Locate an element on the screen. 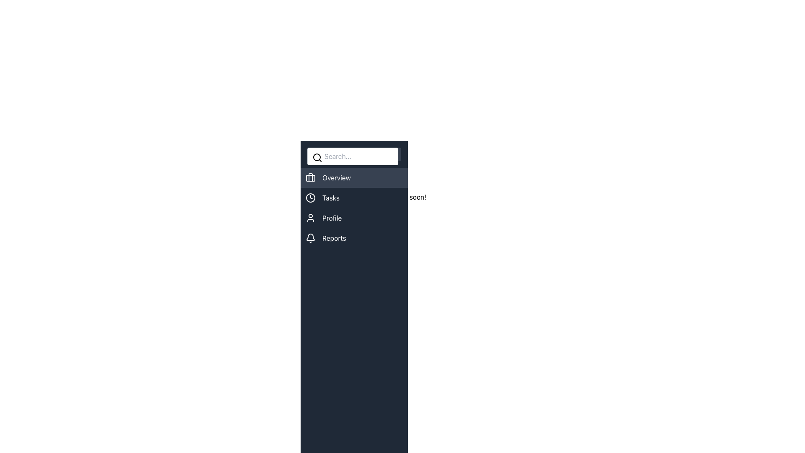 The height and width of the screenshot is (453, 805). the rectangular vector graphic element within the briefcase icon located next to the 'Overview' label in the vertical navigation menu is located at coordinates (310, 177).